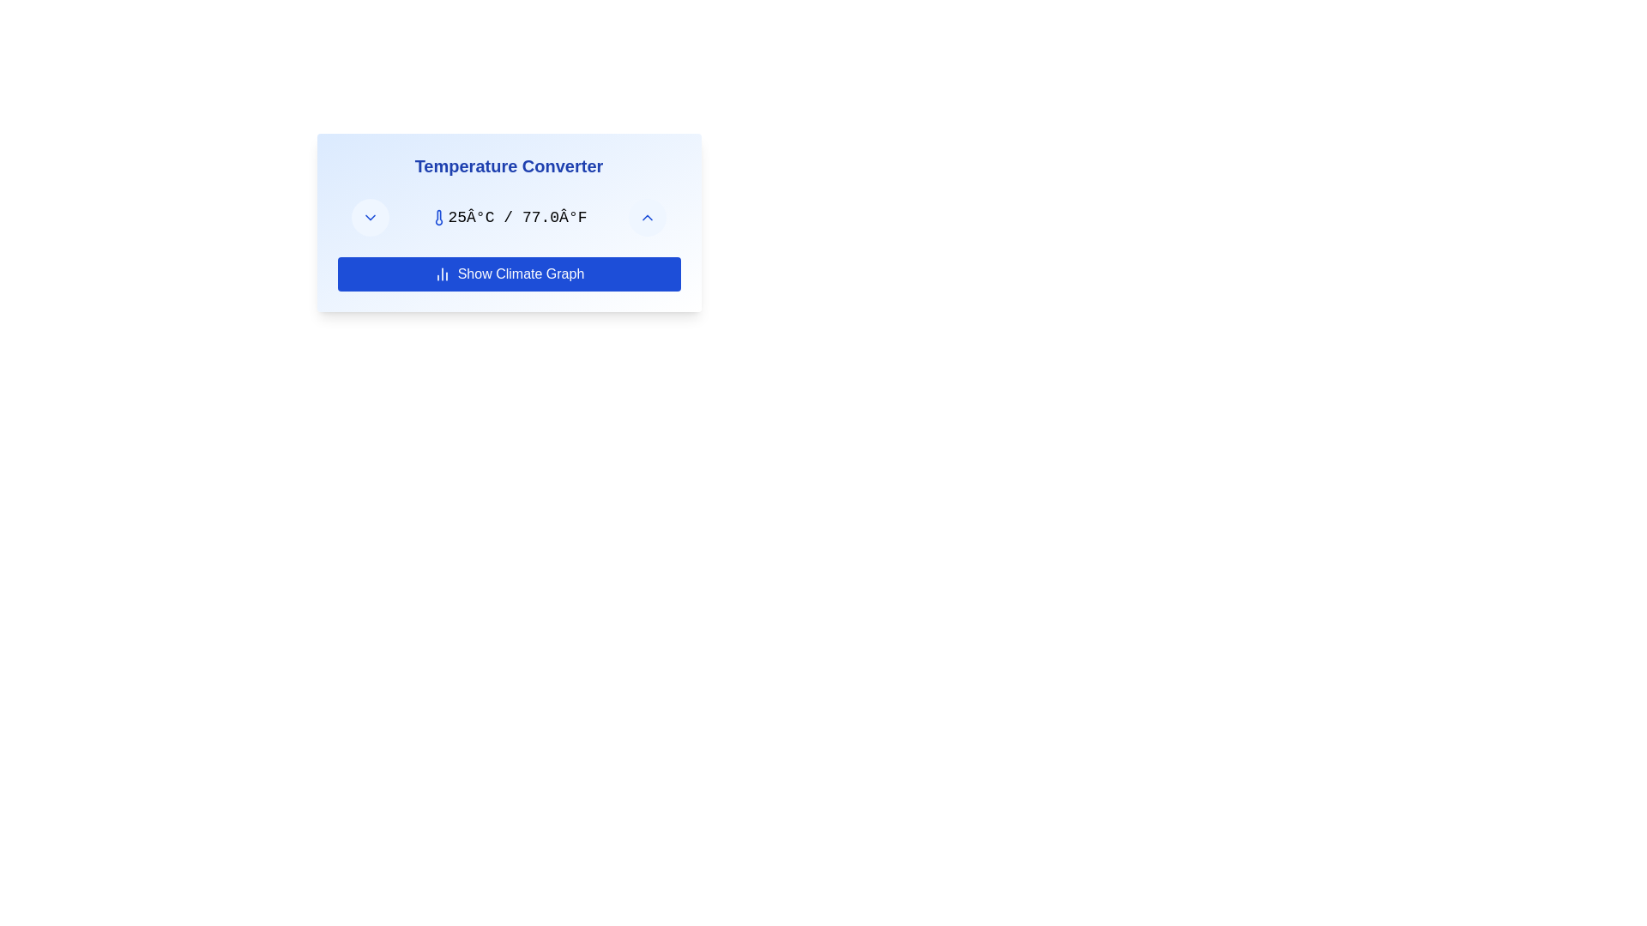 This screenshot has width=1647, height=926. I want to click on the thermometer-shaped icon with a blue stroke color located to the left of the temperature text '25Â°C / 77.0Â°F', so click(439, 217).